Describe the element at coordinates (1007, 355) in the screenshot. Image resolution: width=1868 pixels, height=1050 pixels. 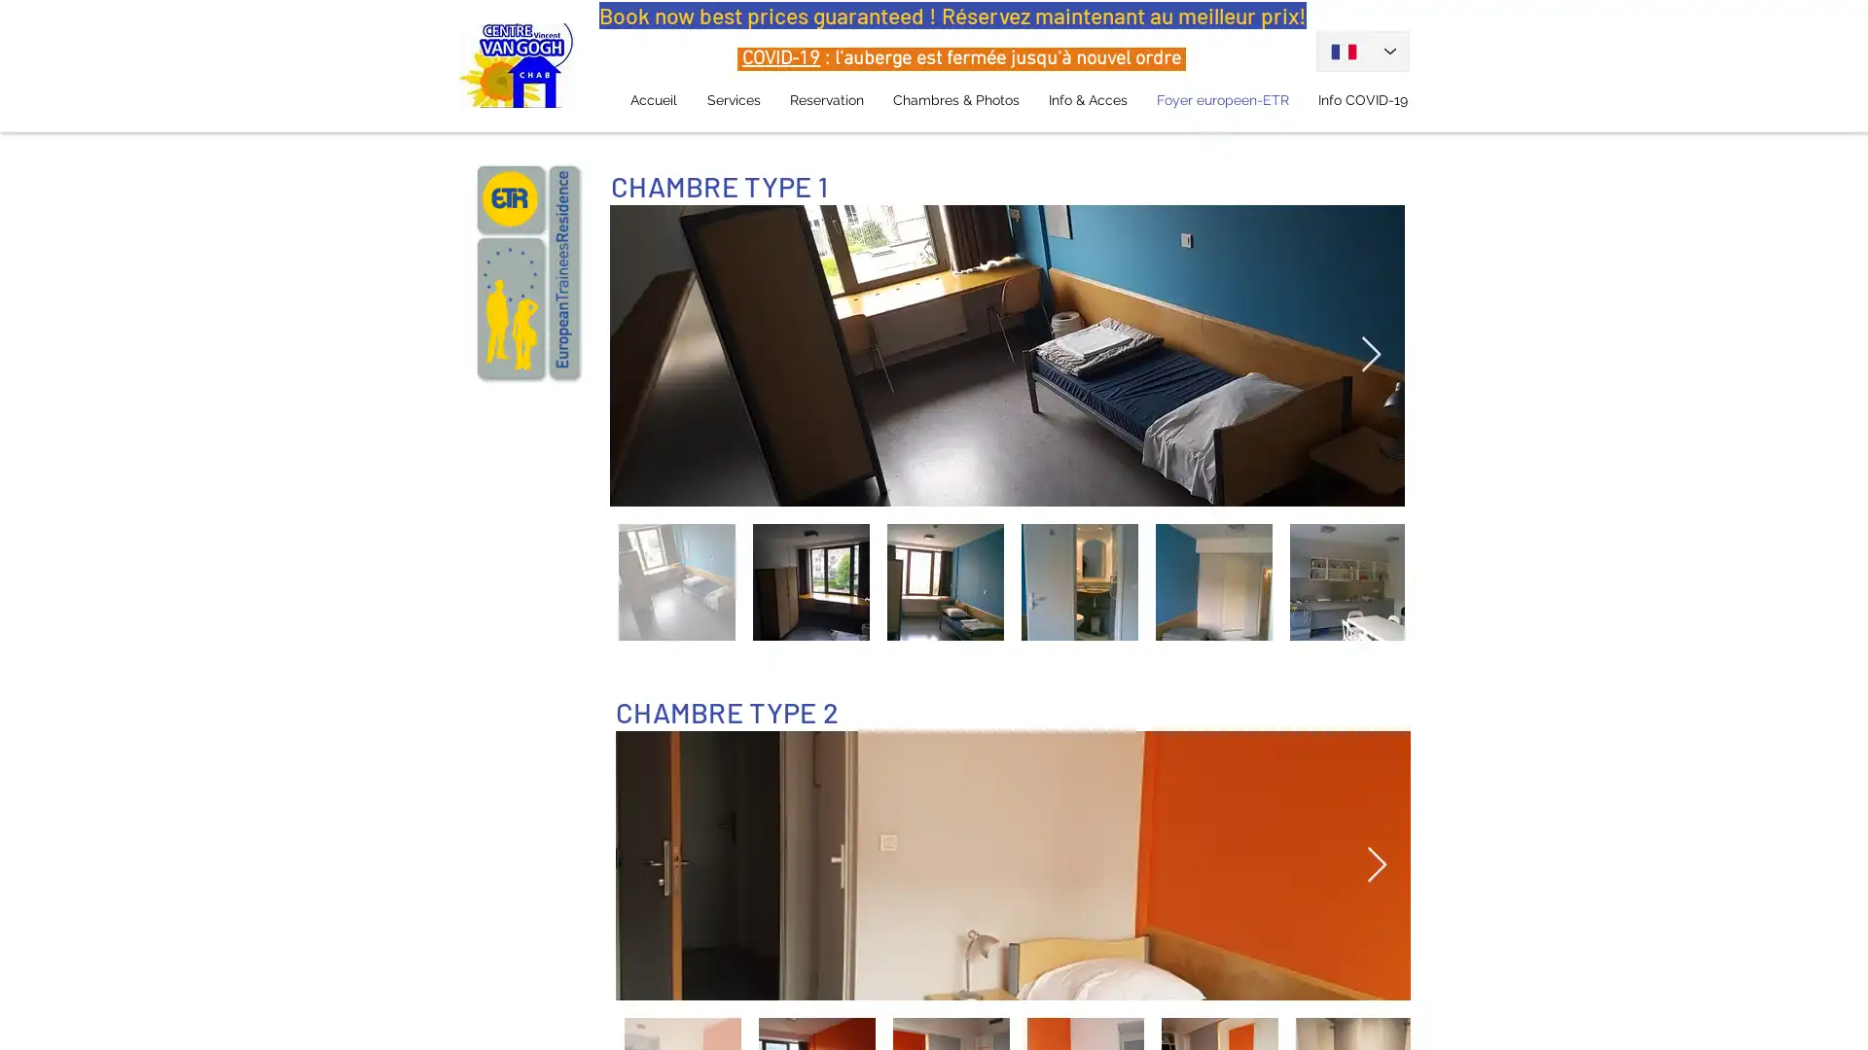
I see `singletype1.jpg` at that location.